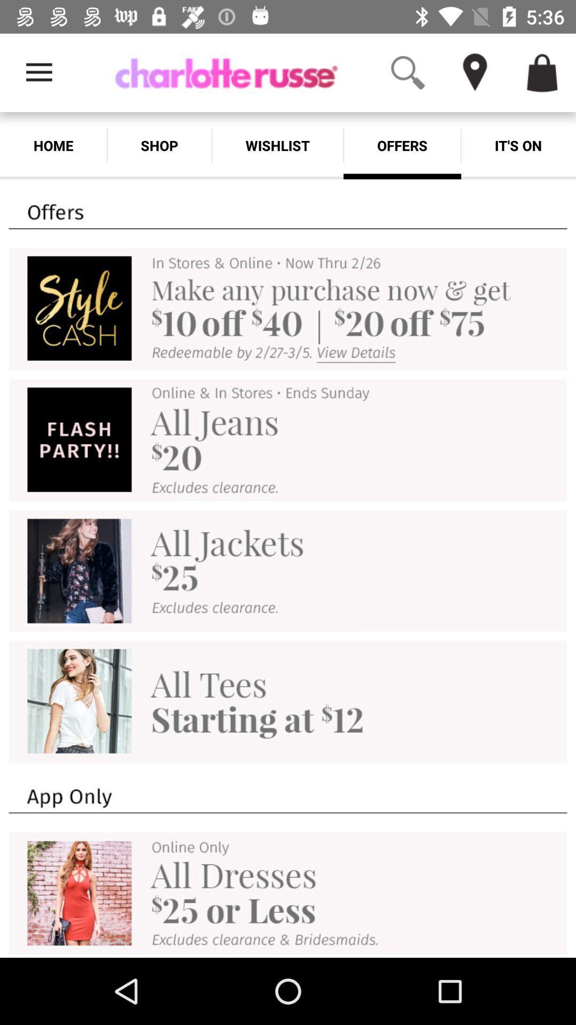 Image resolution: width=576 pixels, height=1025 pixels. Describe the element at coordinates (38, 72) in the screenshot. I see `item above the home item` at that location.